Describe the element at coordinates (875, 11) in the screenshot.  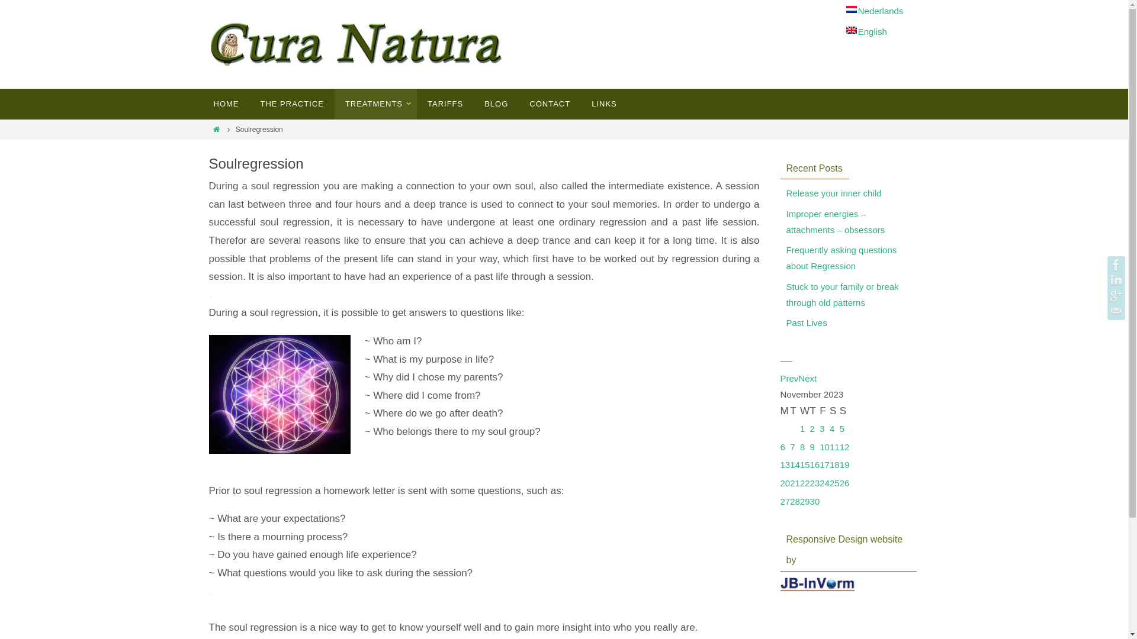
I see `'Nederlands'` at that location.